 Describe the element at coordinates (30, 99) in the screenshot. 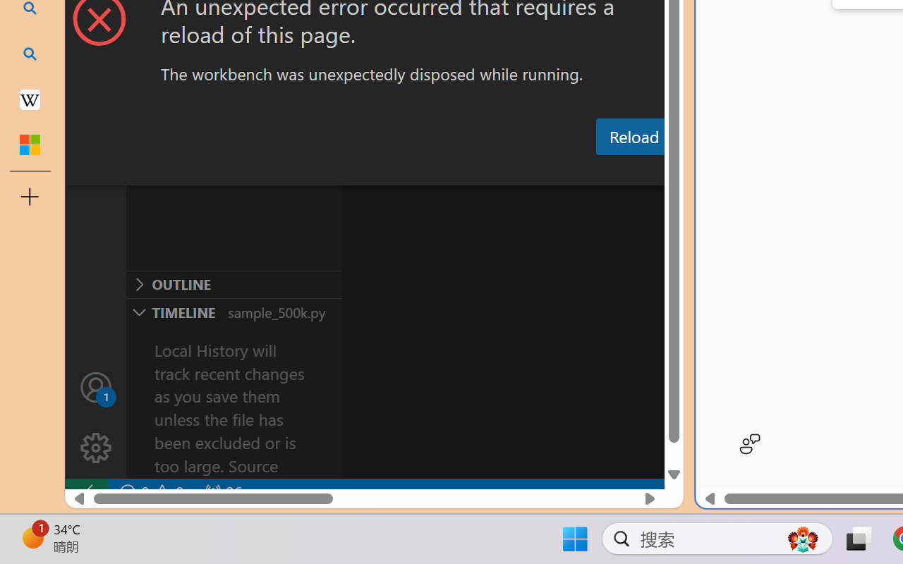

I see `'Earth - Wikipedia'` at that location.